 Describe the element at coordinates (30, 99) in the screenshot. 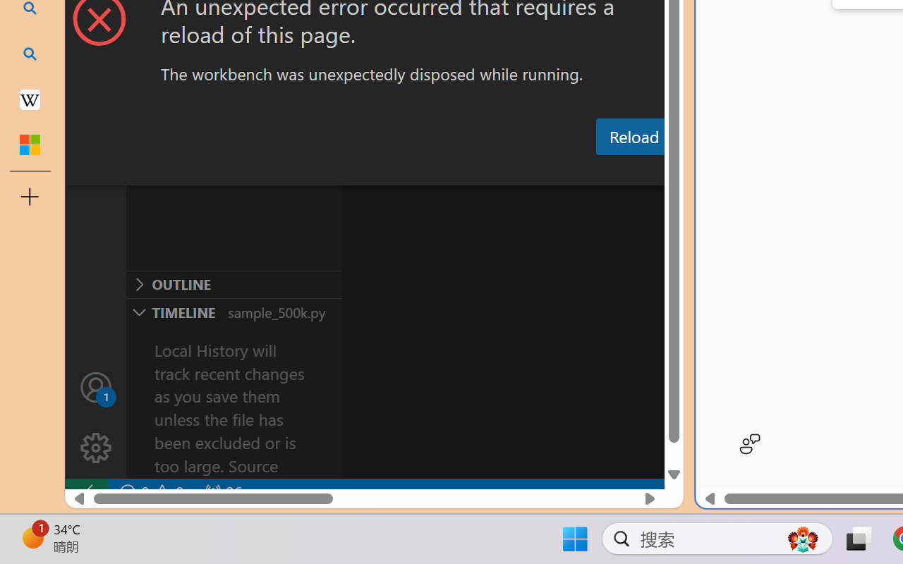

I see `'Earth - Wikipedia'` at that location.